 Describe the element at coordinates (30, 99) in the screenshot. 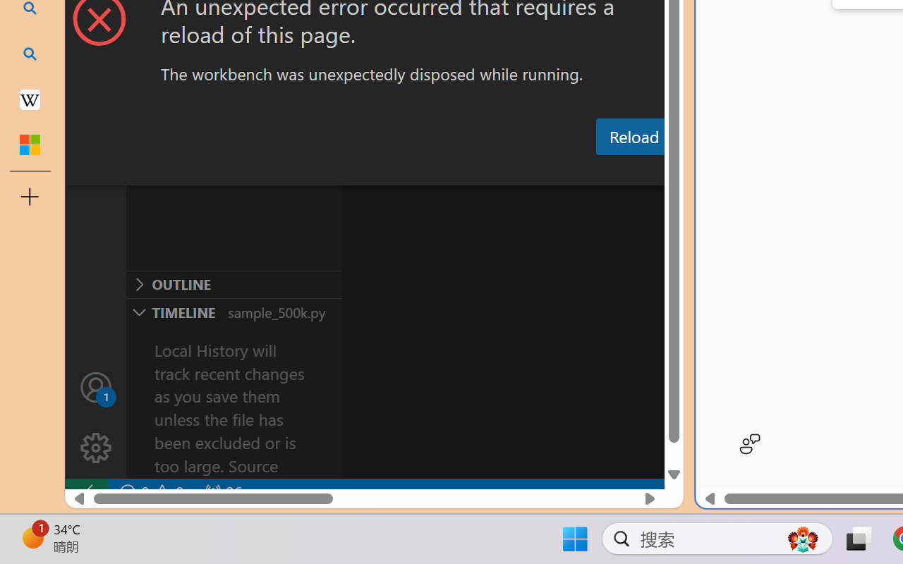

I see `'Earth - Wikipedia'` at that location.